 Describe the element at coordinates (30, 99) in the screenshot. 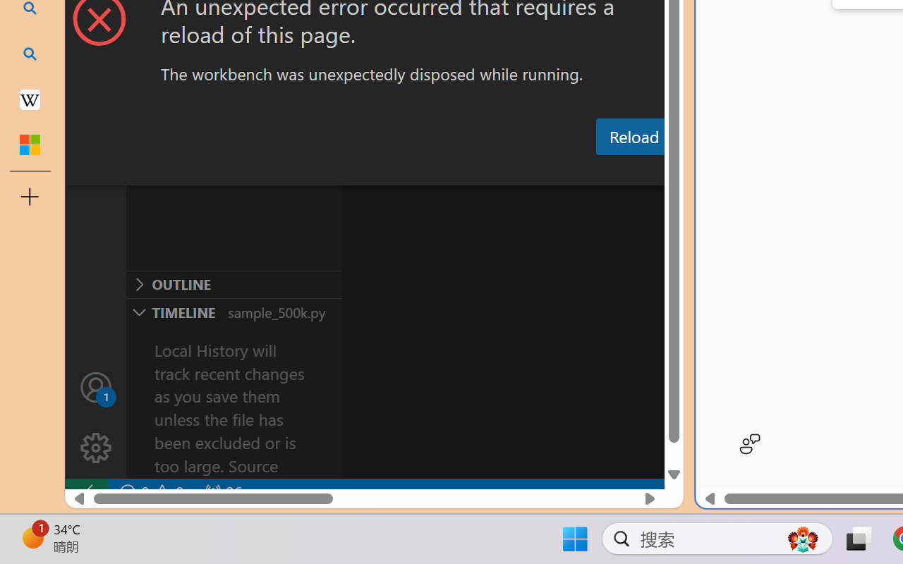

I see `'Earth - Wikipedia'` at that location.